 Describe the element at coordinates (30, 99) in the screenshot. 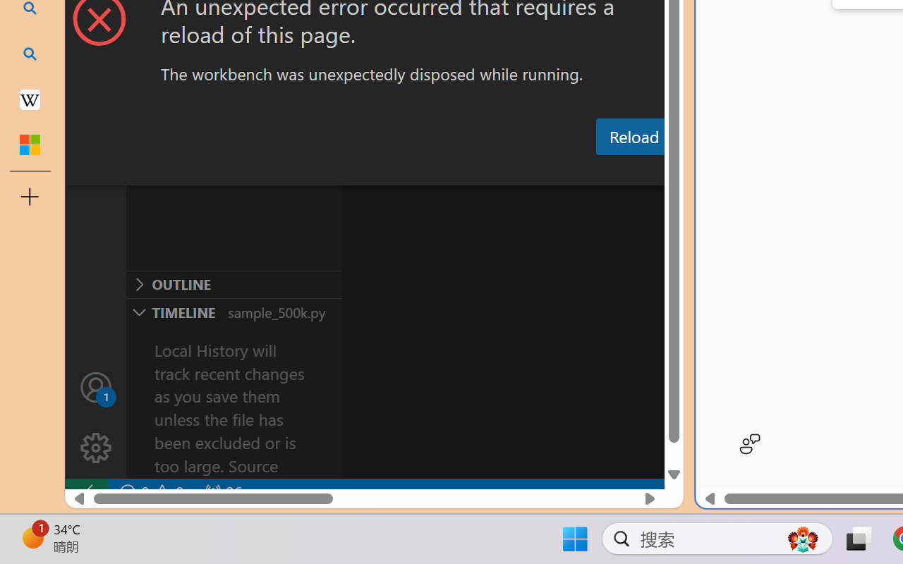

I see `'Earth - Wikipedia'` at that location.